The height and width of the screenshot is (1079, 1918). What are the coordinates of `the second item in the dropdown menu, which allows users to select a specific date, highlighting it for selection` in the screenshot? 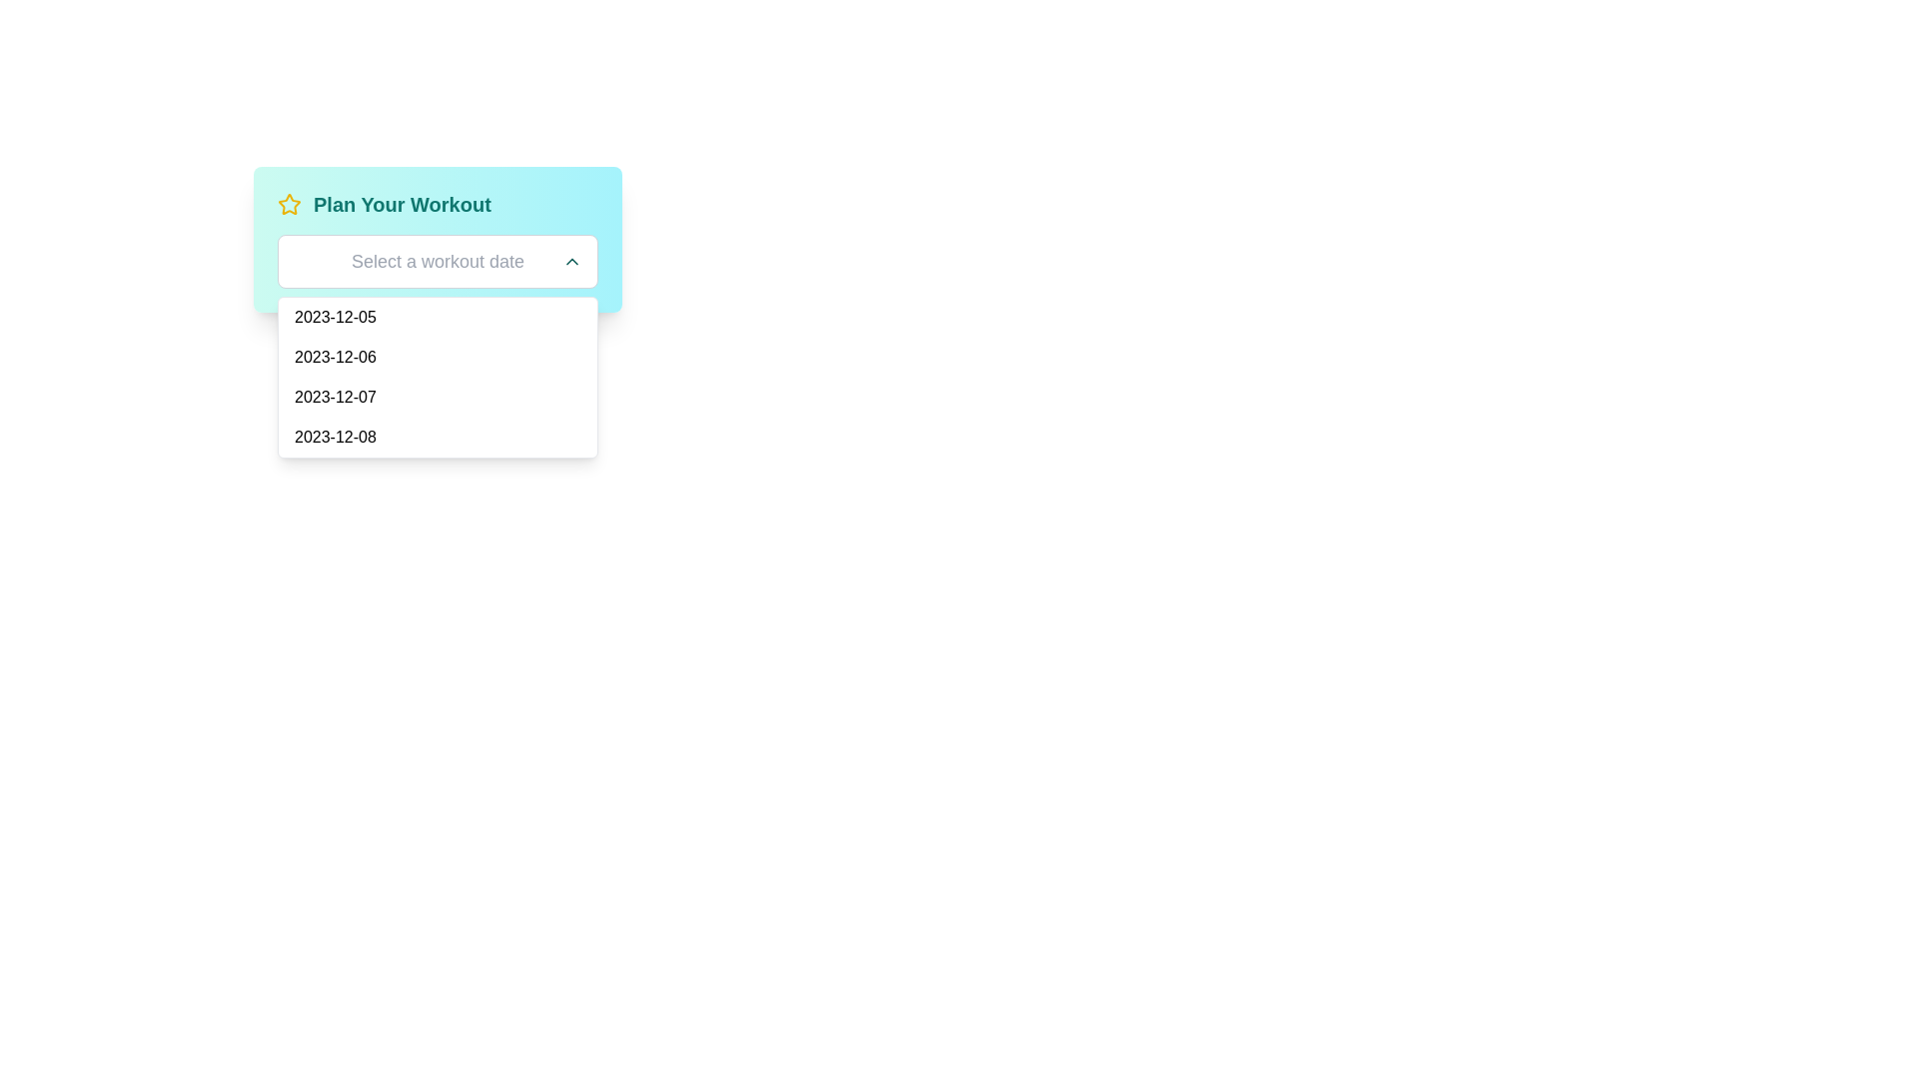 It's located at (437, 357).